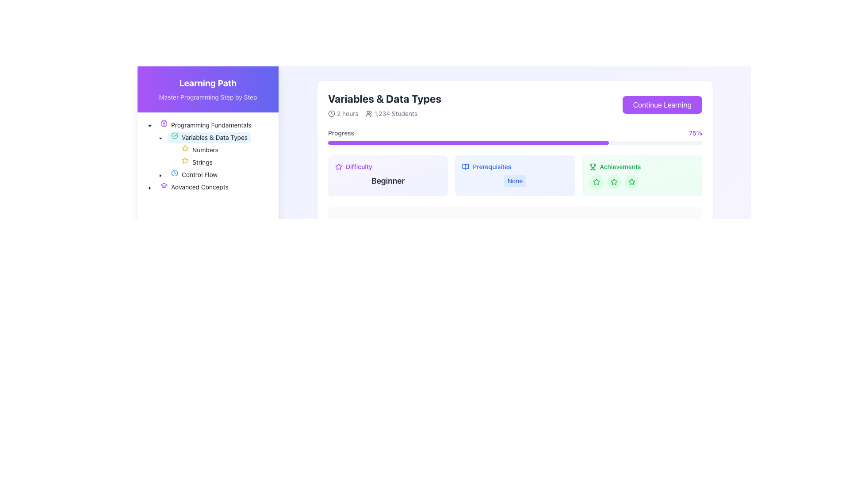  I want to click on the static text label that denotes a progress-related section, located on the right-hand half of the interface below the header 'Variables & Data Types', aligned left and displayed before the '75%' text, so click(340, 133).